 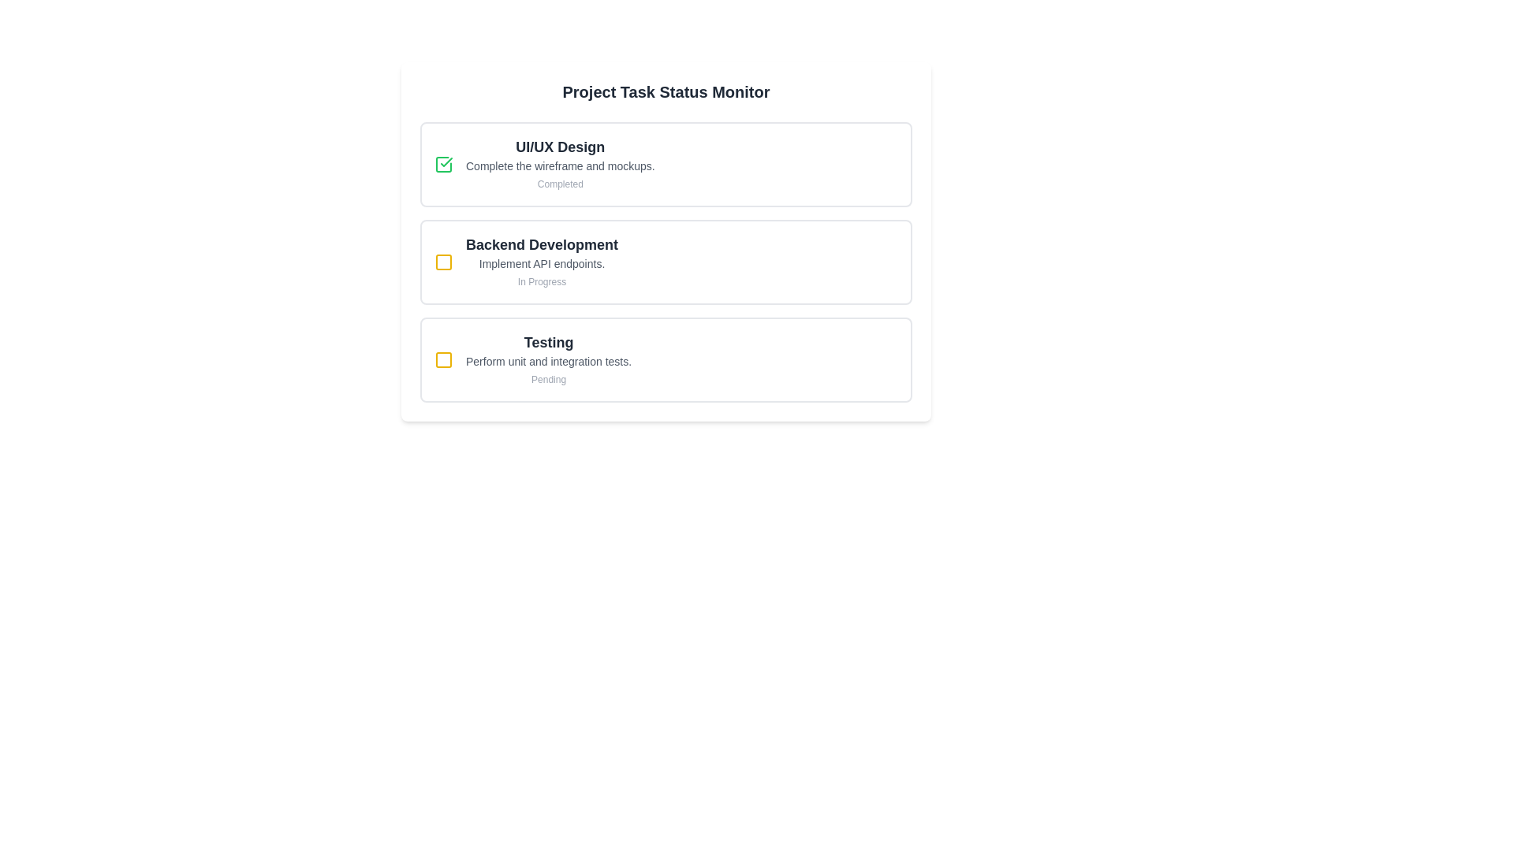 I want to click on the Informational card displaying task details, which is the second card in a vertical stack of three cards in the project management interface, so click(x=542, y=261).